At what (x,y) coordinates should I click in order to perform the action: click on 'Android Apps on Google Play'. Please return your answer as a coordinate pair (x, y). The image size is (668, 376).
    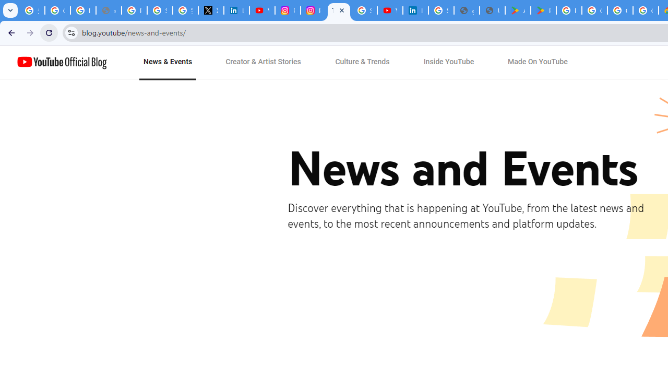
    Looking at the image, I should click on (518, 10).